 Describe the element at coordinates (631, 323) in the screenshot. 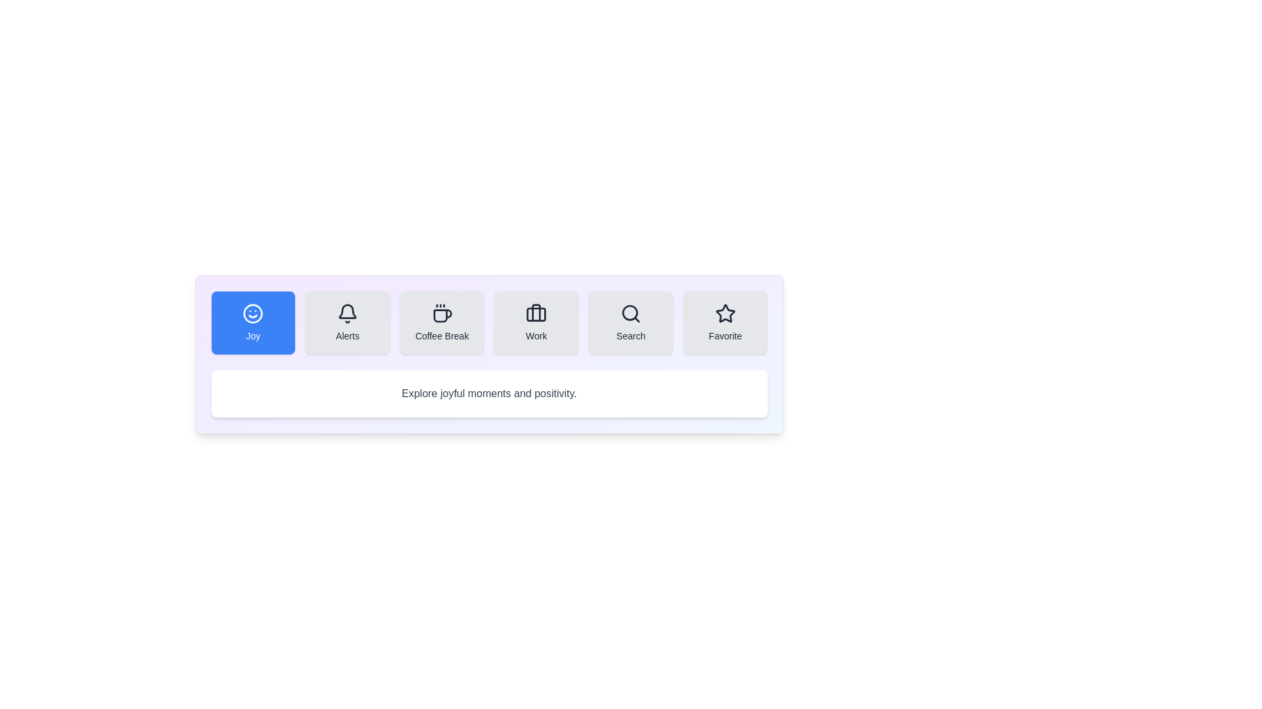

I see `the tab labeled Search to observe the hover effect` at that location.